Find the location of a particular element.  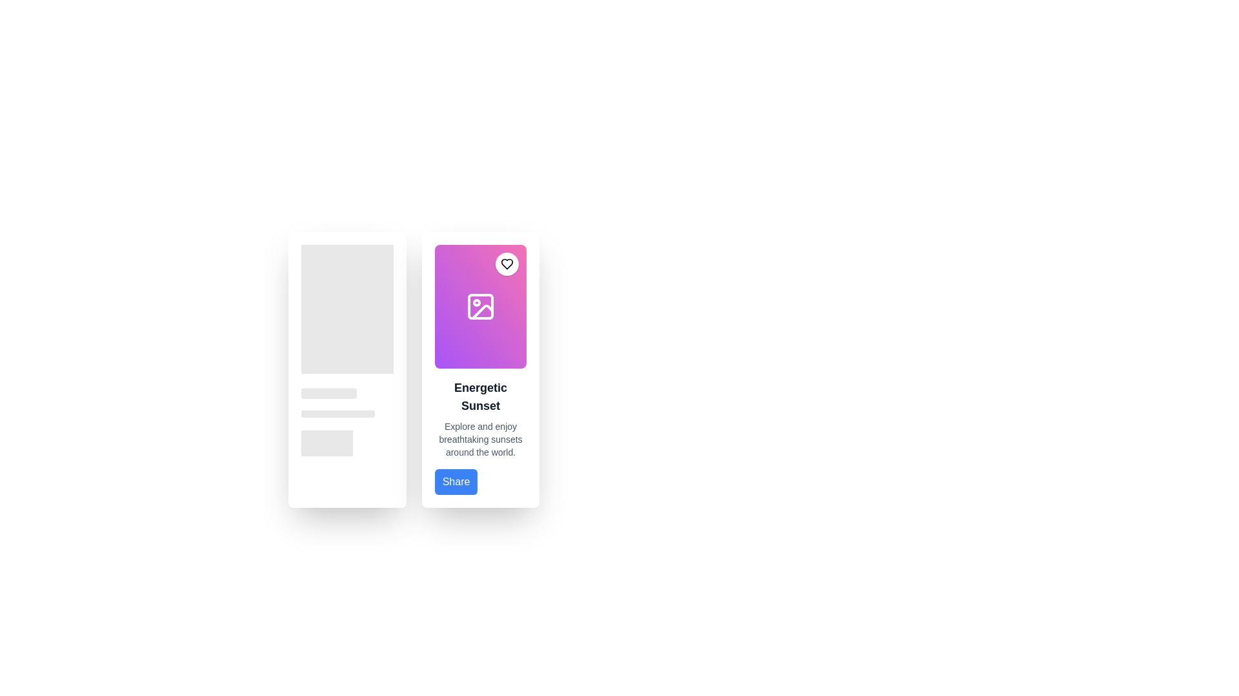

the Skeleton placeholder rectangle, which serves as a loading indicator for content is located at coordinates (327, 442).